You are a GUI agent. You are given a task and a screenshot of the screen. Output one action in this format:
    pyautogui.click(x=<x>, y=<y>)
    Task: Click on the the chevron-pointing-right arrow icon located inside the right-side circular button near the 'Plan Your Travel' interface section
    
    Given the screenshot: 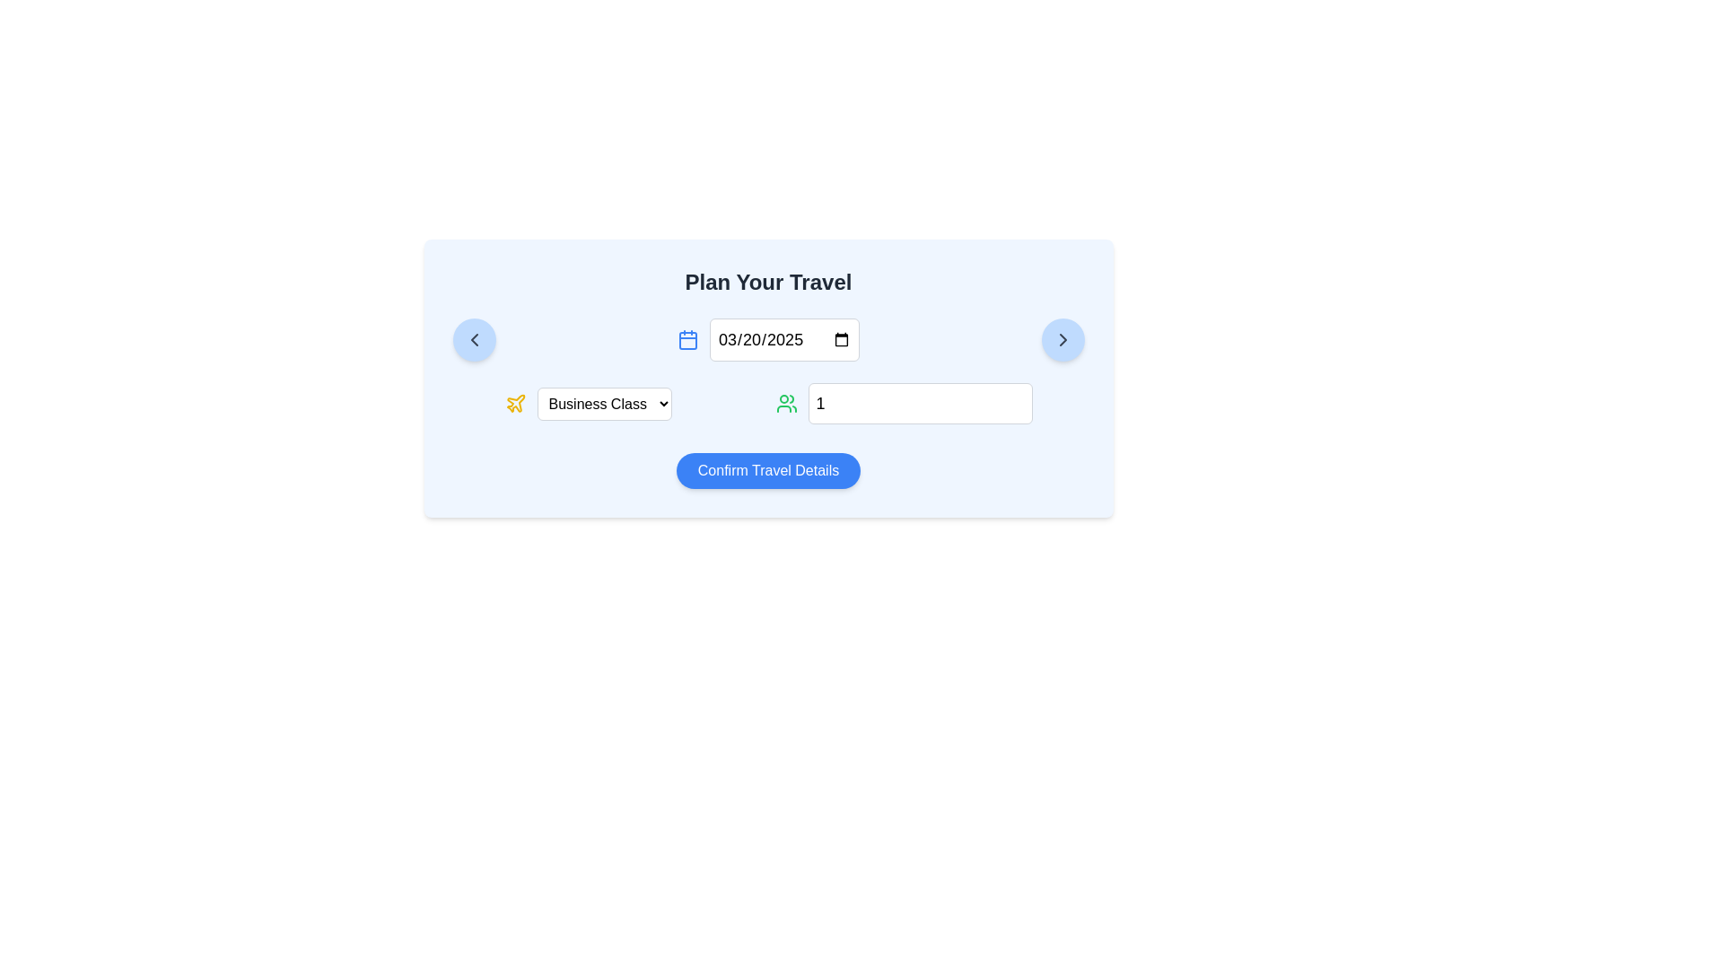 What is the action you would take?
    pyautogui.click(x=1063, y=339)
    